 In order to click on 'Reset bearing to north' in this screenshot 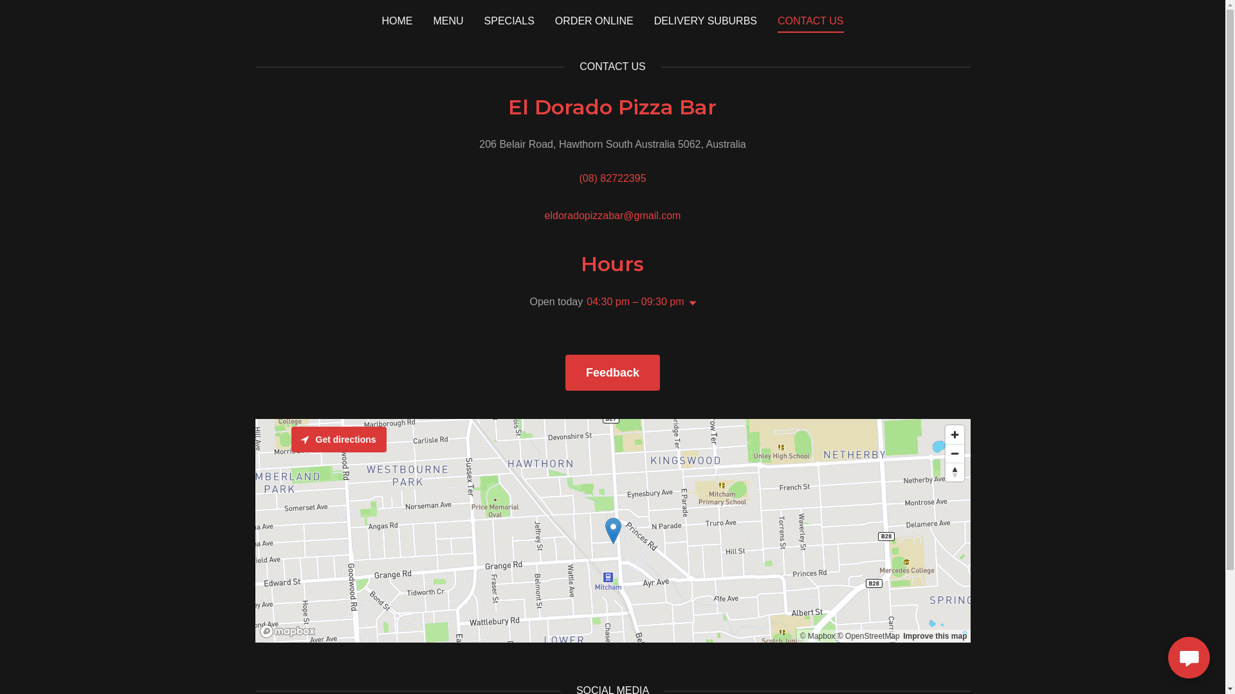, I will do `click(955, 472)`.